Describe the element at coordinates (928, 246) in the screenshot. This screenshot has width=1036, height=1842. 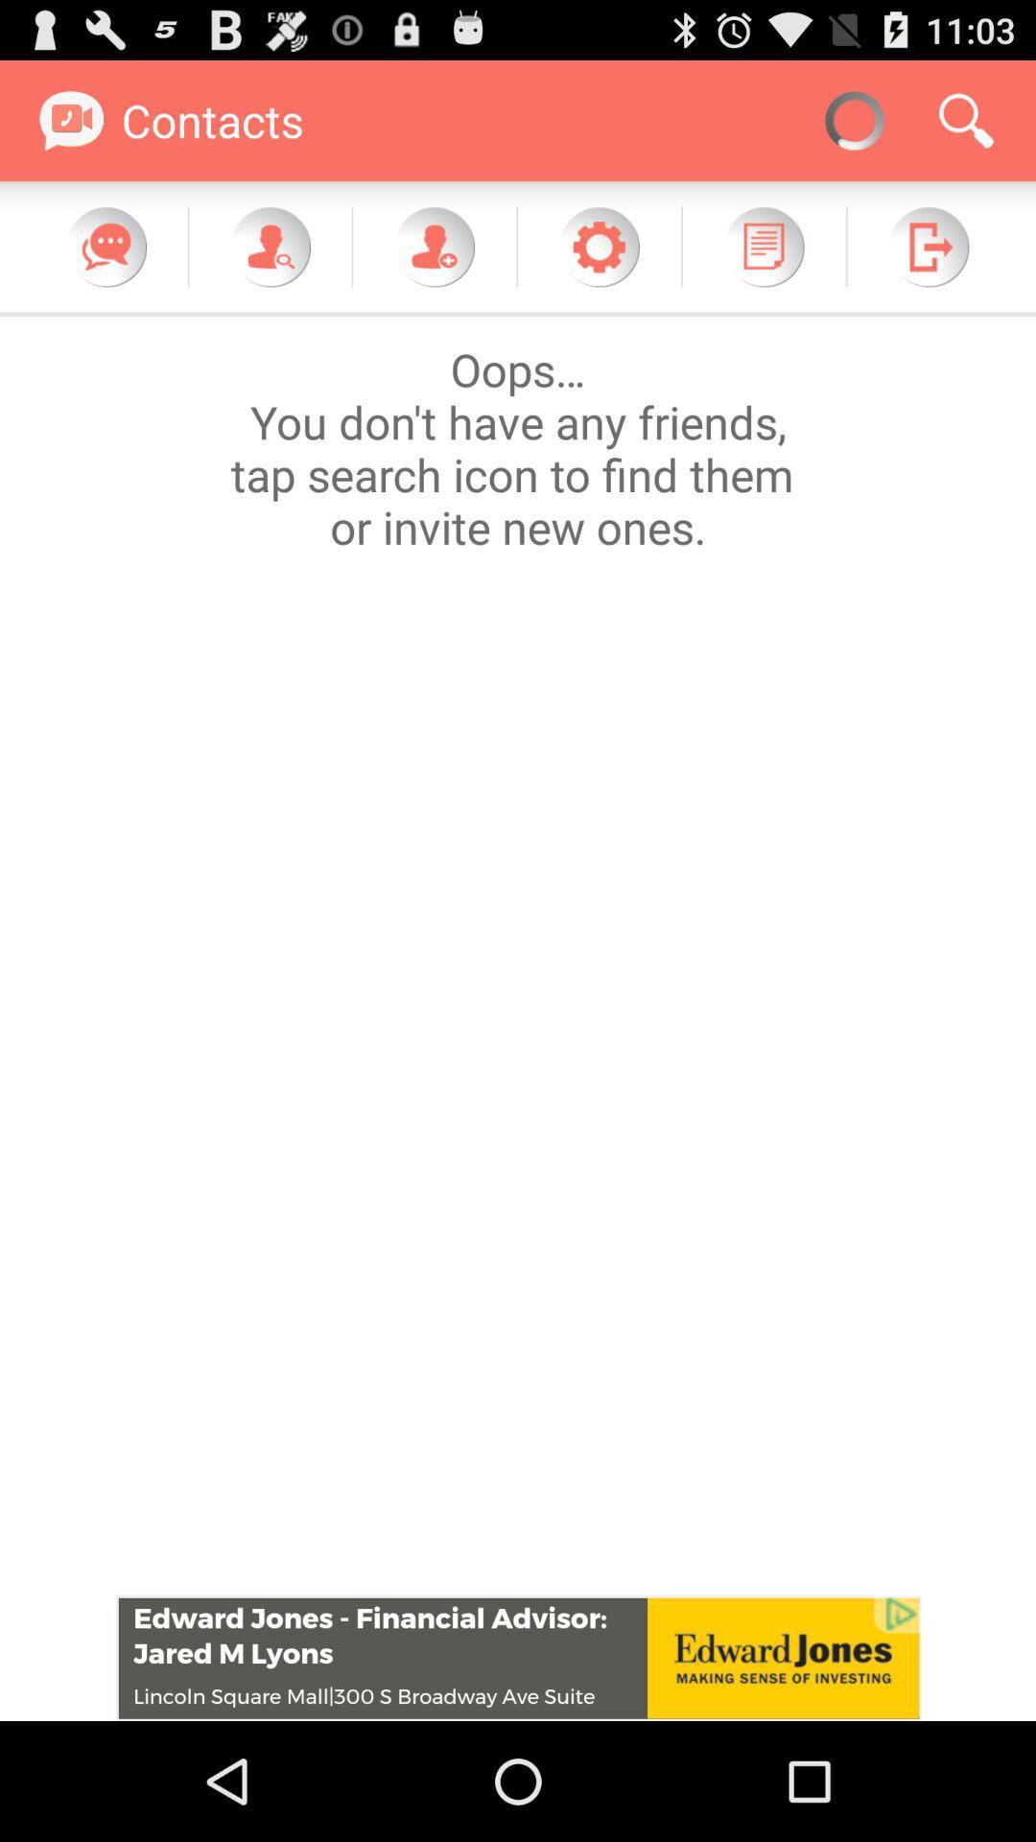
I see `next page` at that location.